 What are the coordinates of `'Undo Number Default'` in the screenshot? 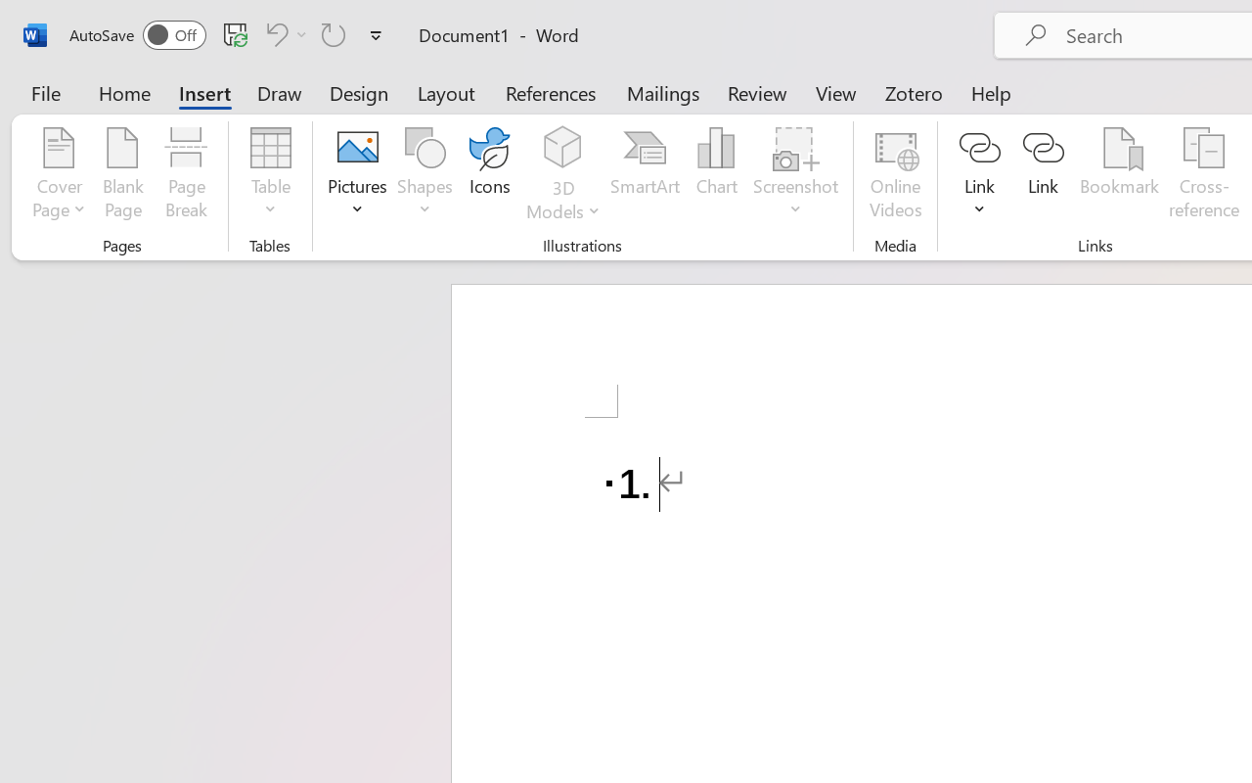 It's located at (273, 33).